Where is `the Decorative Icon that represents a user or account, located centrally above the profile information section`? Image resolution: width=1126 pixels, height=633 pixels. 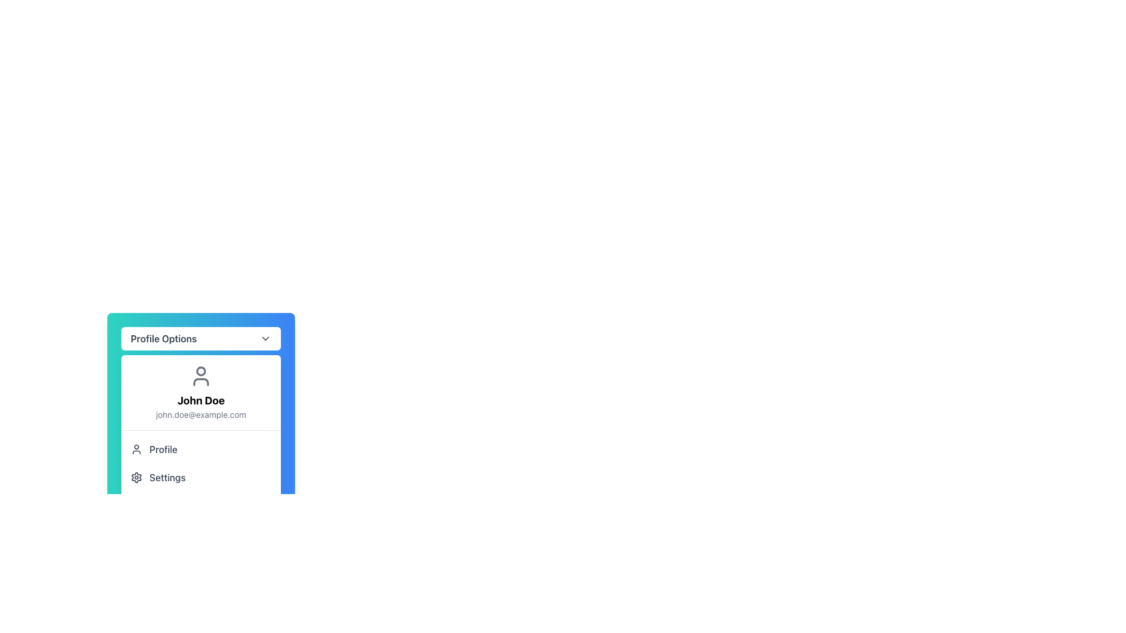
the Decorative Icon that represents a user or account, located centrally above the profile information section is located at coordinates (201, 376).